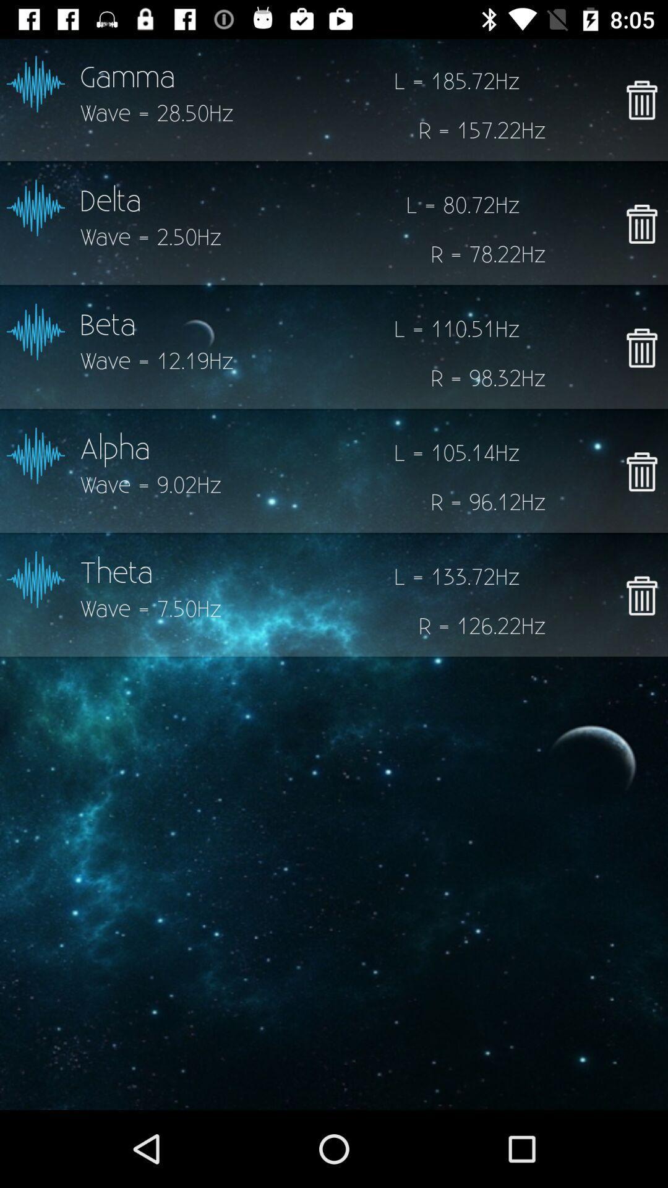  I want to click on delete, so click(641, 347).